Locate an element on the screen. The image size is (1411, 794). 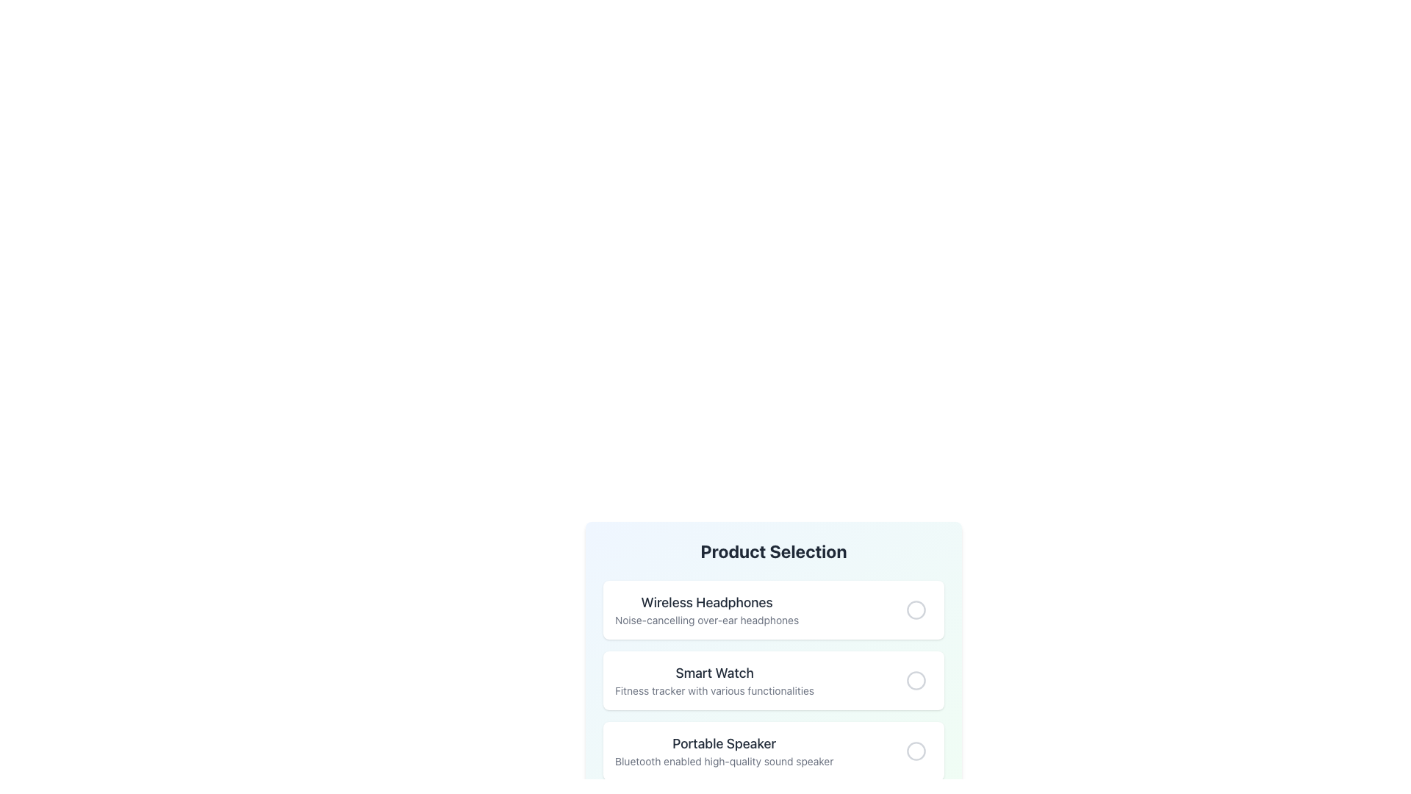
the circular selection indicator for the 'Smart Watch' option in the 'Product Selection' UI section is located at coordinates (916, 680).